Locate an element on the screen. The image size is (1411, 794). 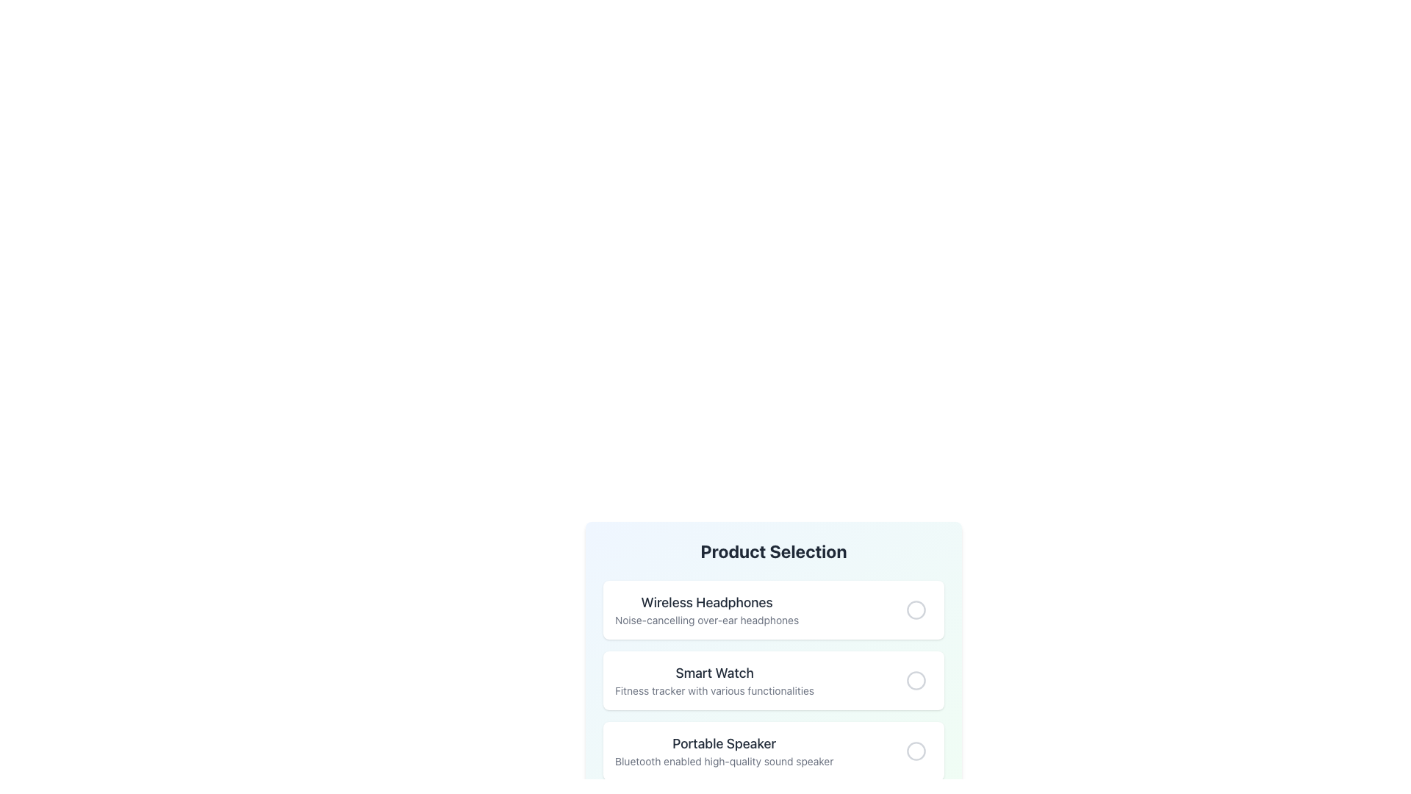
the circular selection indicator for the 'Smart Watch' option in the 'Product Selection' UI section is located at coordinates (916, 680).